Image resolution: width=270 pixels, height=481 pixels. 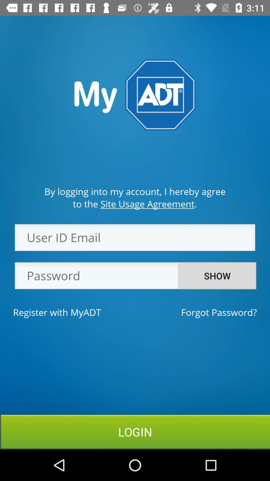 What do you see at coordinates (135, 431) in the screenshot?
I see `login item` at bounding box center [135, 431].